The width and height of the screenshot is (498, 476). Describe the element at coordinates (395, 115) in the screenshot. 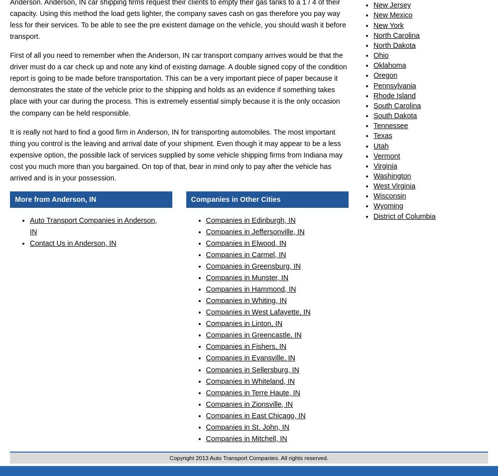

I see `'South Dakota'` at that location.